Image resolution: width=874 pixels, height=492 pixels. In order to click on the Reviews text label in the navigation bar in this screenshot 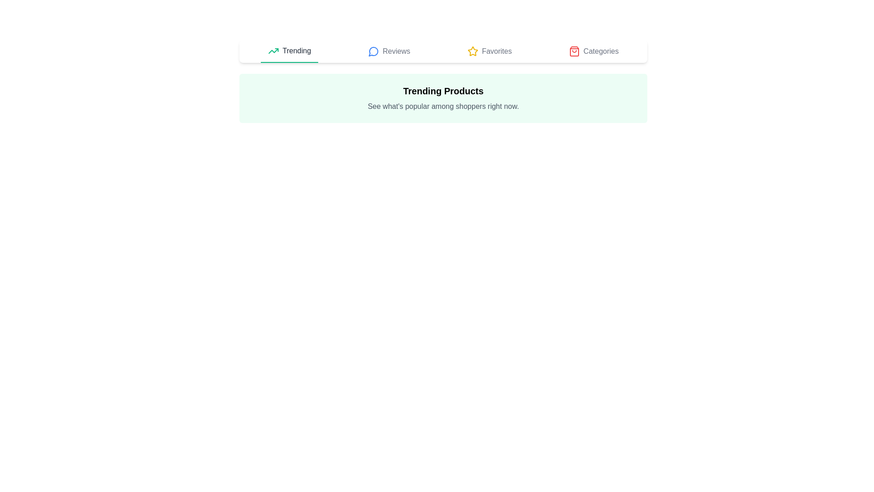, I will do `click(396, 51)`.